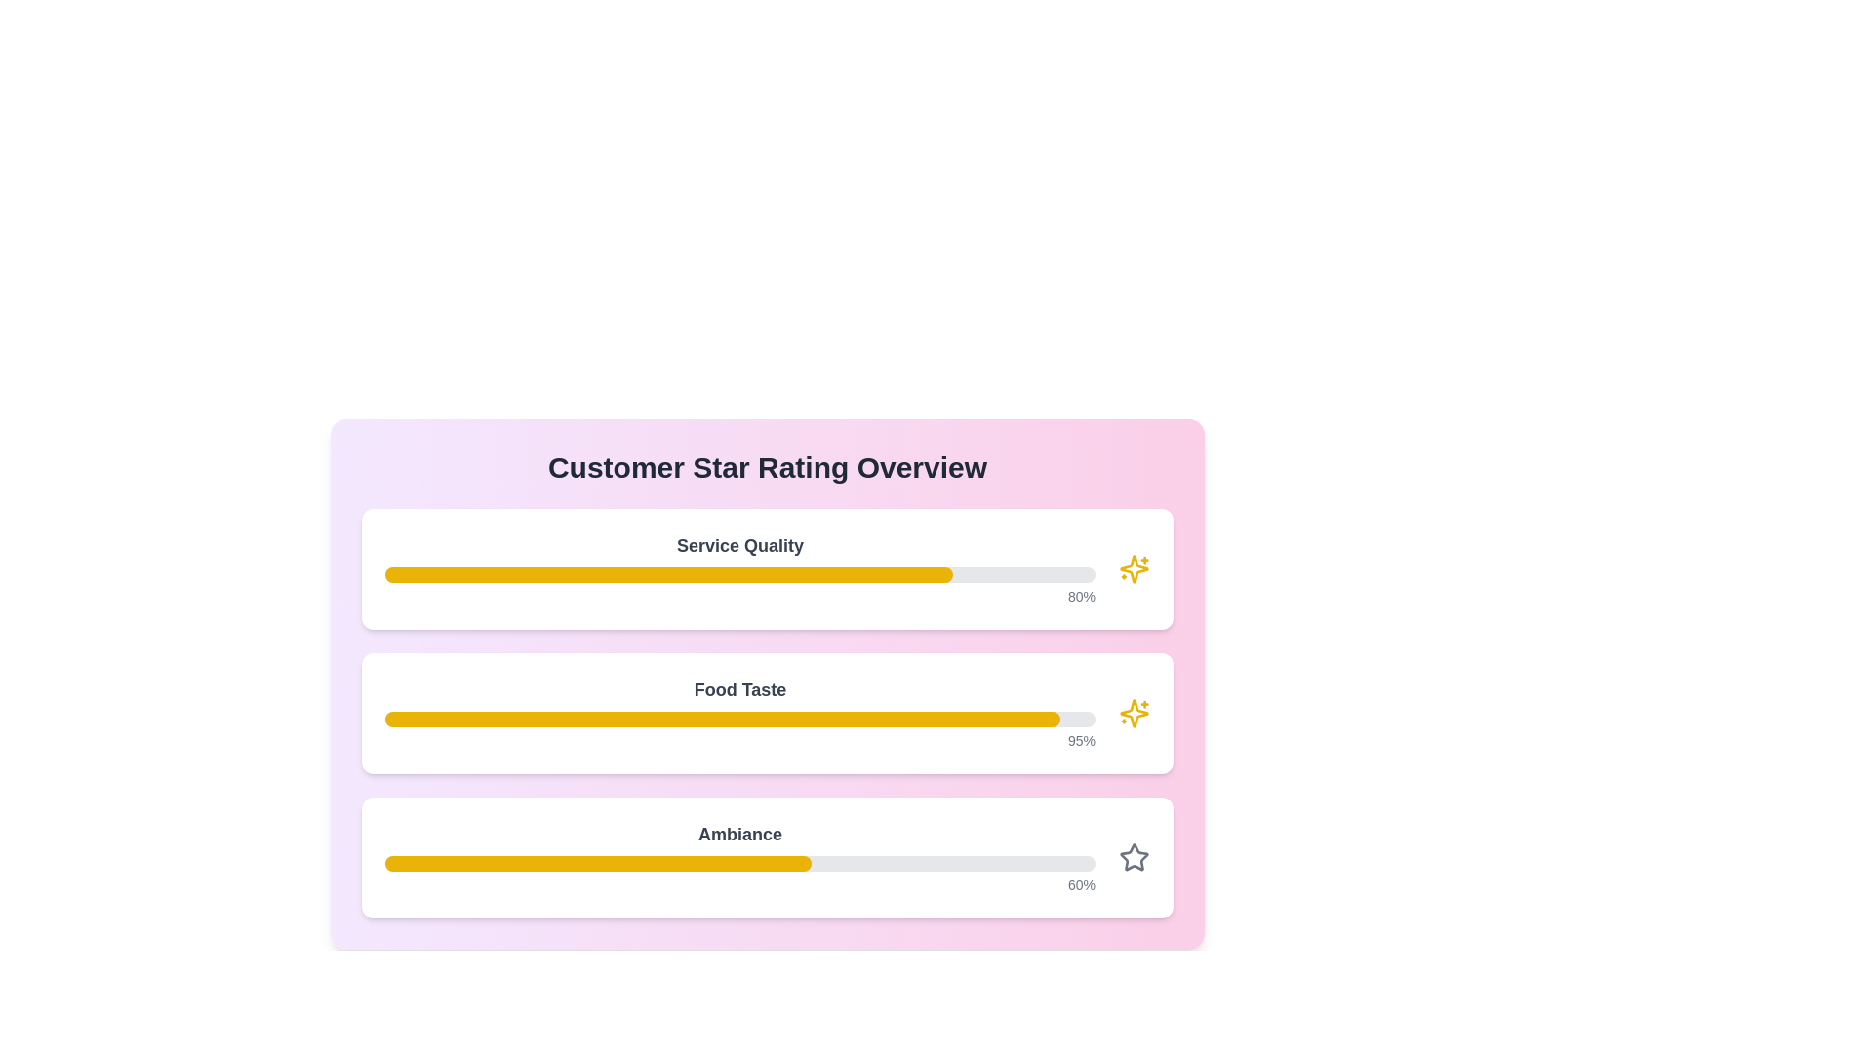 Image resolution: width=1873 pixels, height=1053 pixels. What do you see at coordinates (738, 719) in the screenshot?
I see `the Progress Bar indicating the completion level for 'Food Taste', which is located below the 'Food Taste' text and above the '95%' indicator` at bounding box center [738, 719].